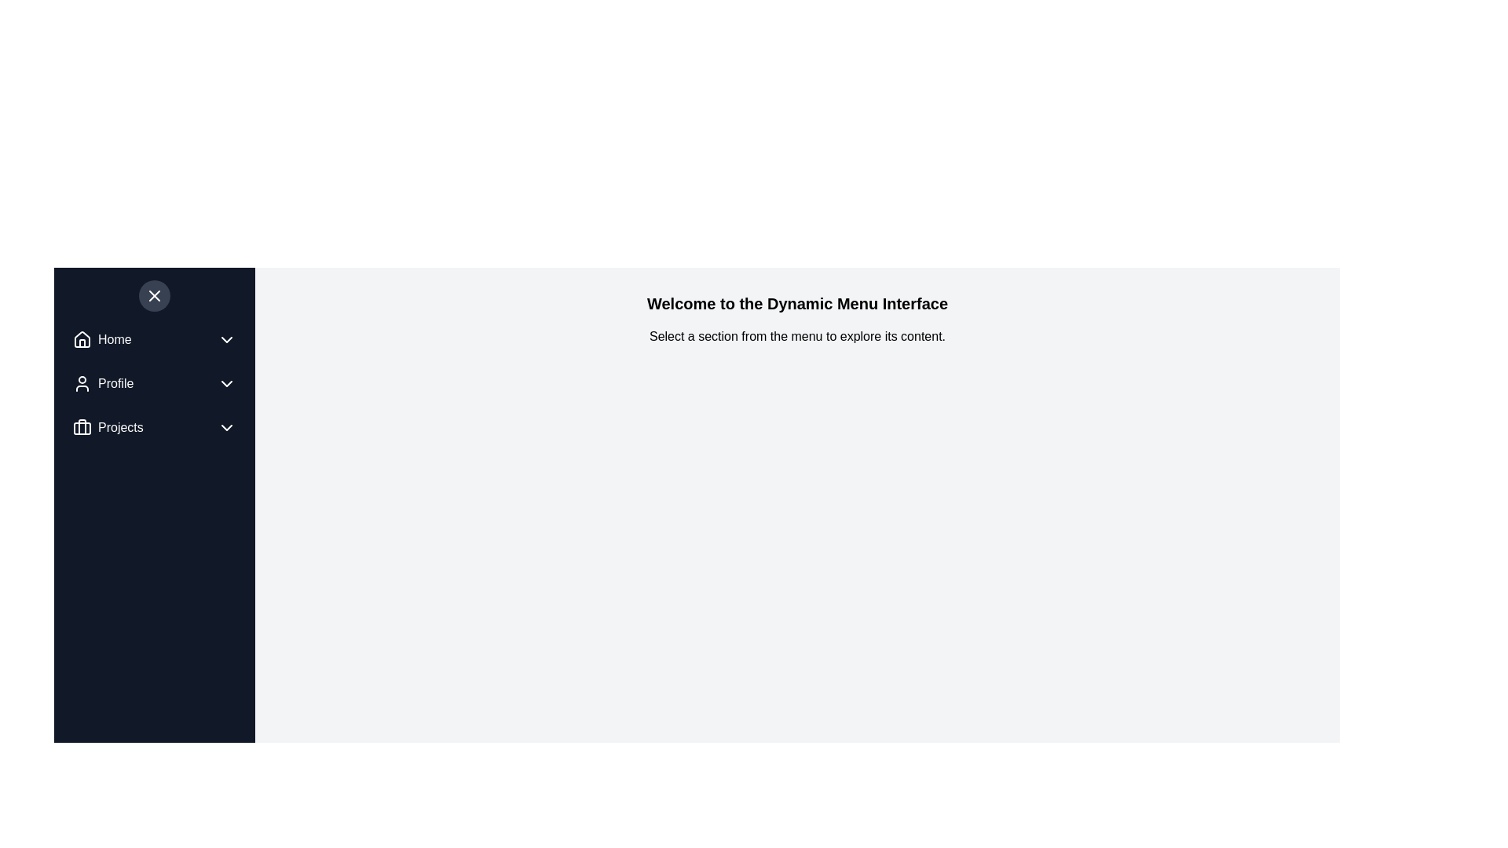  I want to click on the chevron indicator next to the 'Profile' item in the vertical navigation menu, so click(154, 384).